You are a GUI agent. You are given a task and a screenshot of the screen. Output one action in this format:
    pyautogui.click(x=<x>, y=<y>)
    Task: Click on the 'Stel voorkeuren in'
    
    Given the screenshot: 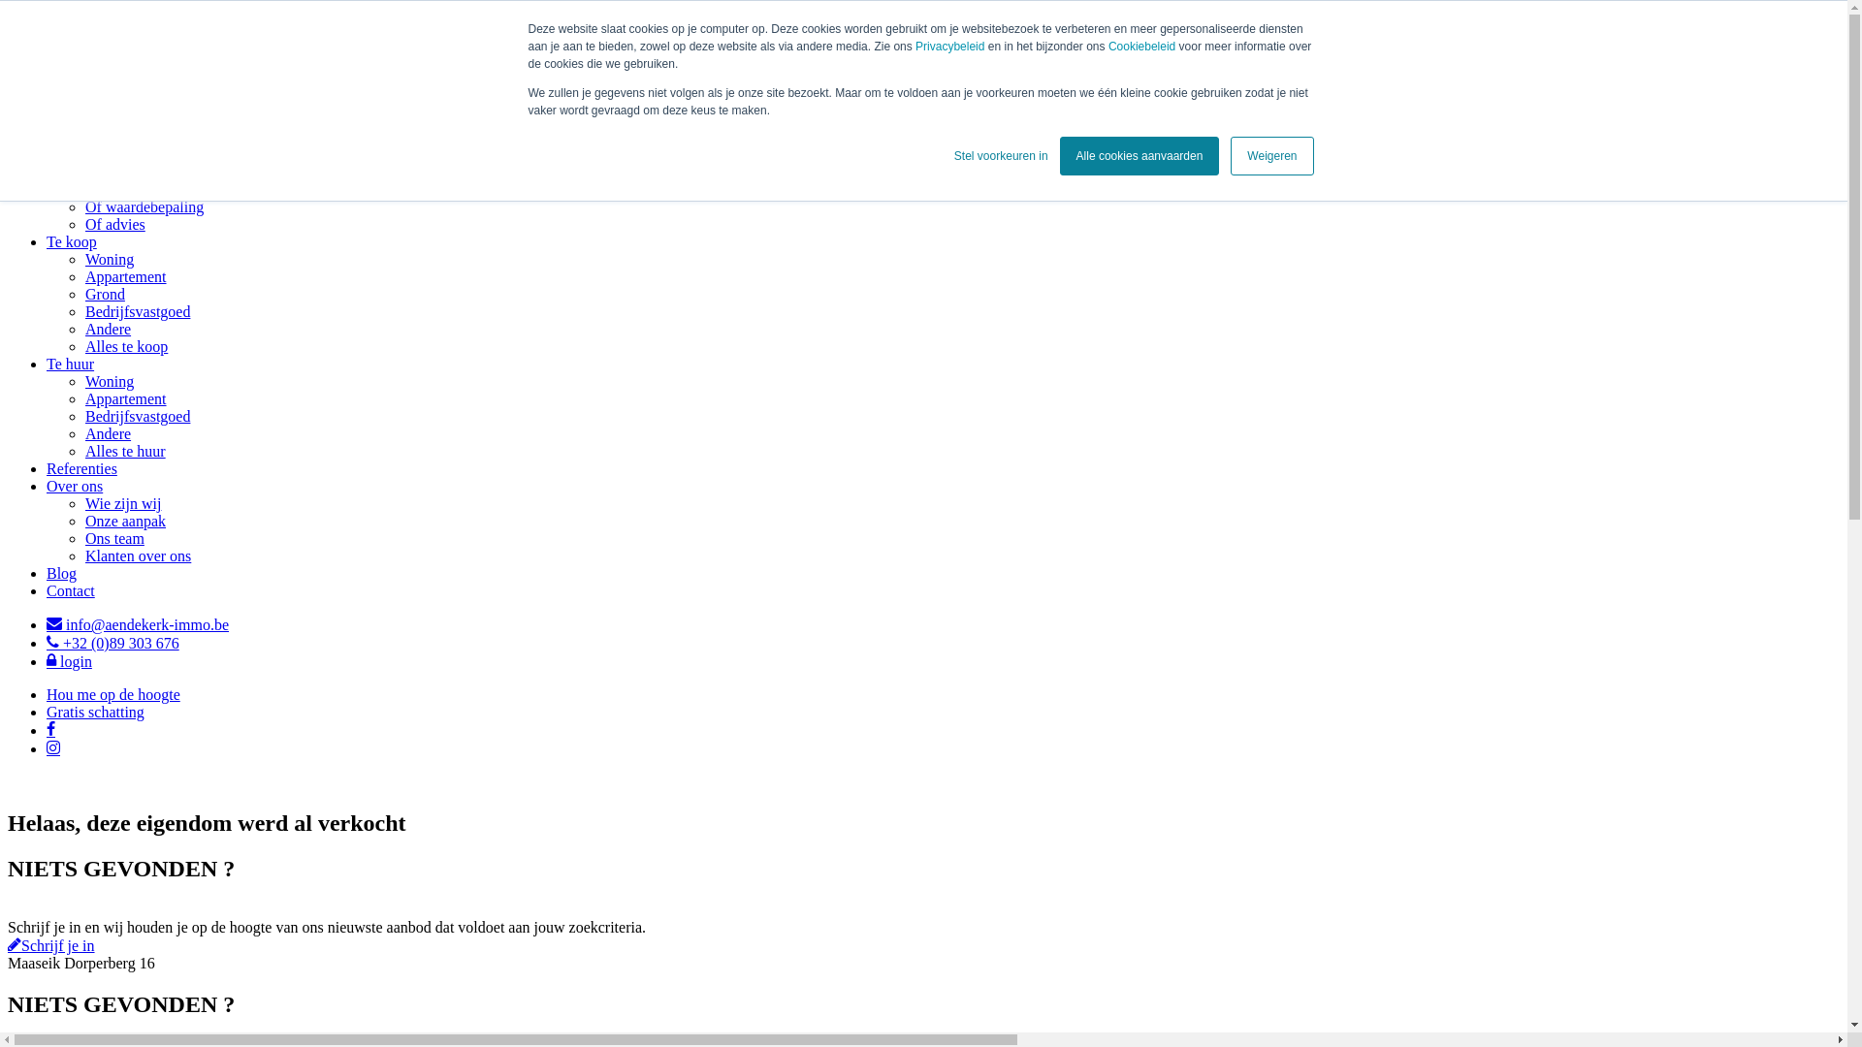 What is the action you would take?
    pyautogui.click(x=1001, y=155)
    